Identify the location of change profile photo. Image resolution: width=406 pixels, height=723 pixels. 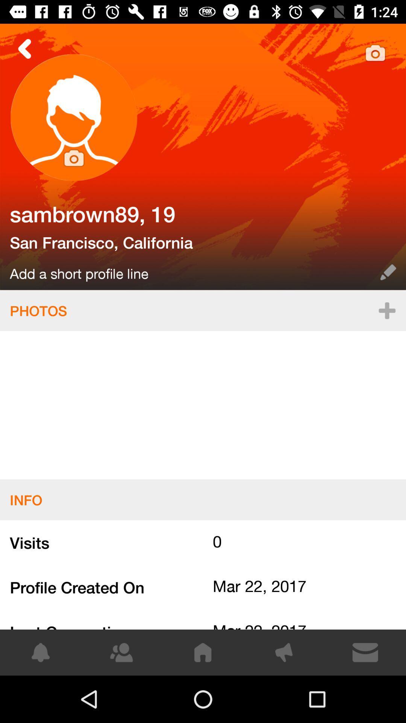
(74, 117).